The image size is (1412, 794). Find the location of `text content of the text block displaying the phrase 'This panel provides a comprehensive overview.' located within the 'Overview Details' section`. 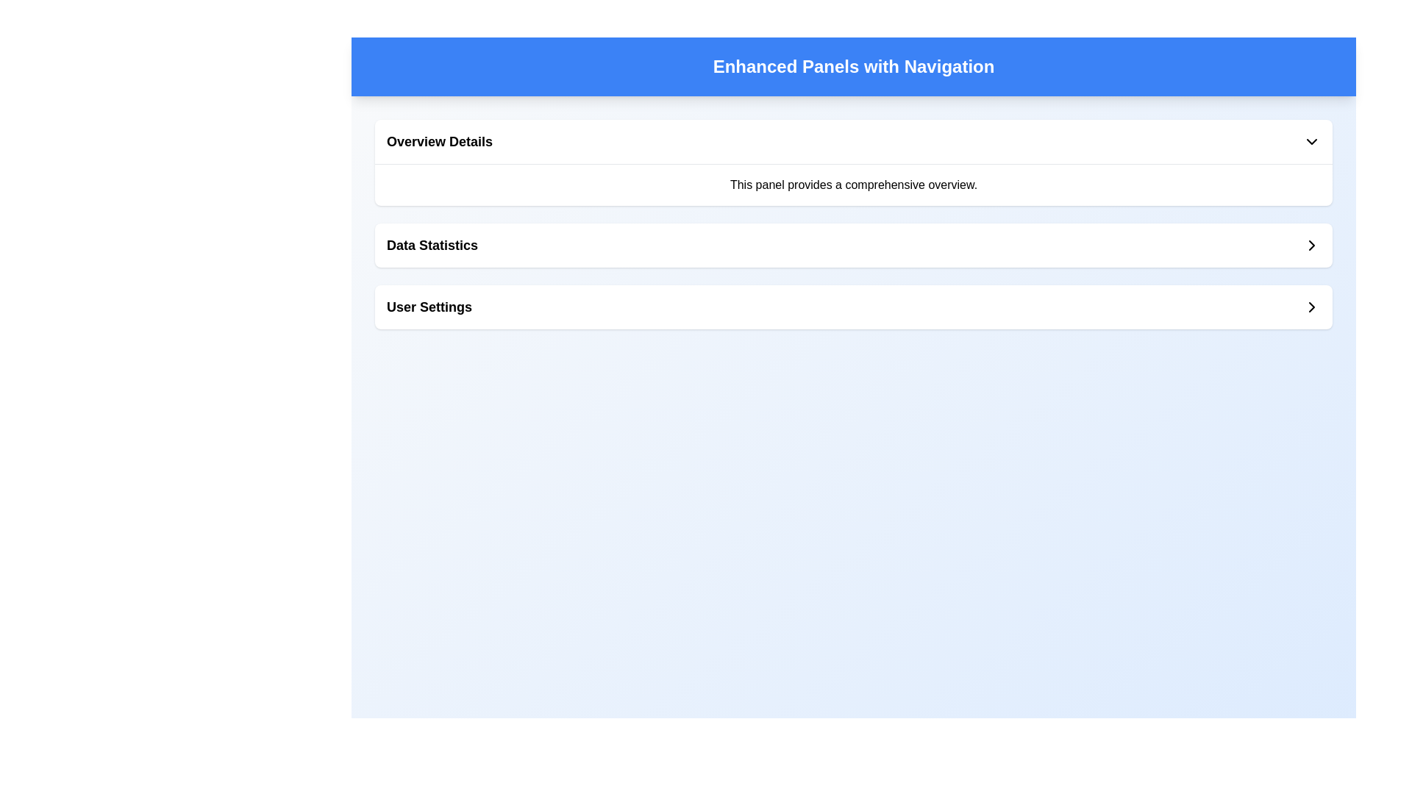

text content of the text block displaying the phrase 'This panel provides a comprehensive overview.' located within the 'Overview Details' section is located at coordinates (854, 183).